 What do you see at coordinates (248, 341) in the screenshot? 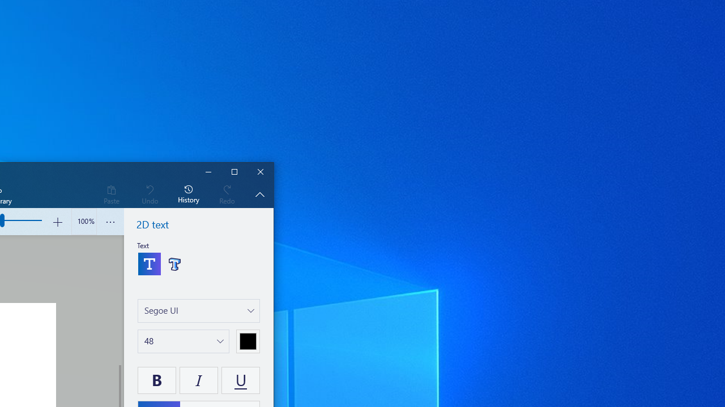
I see `'Choose a color'` at bounding box center [248, 341].